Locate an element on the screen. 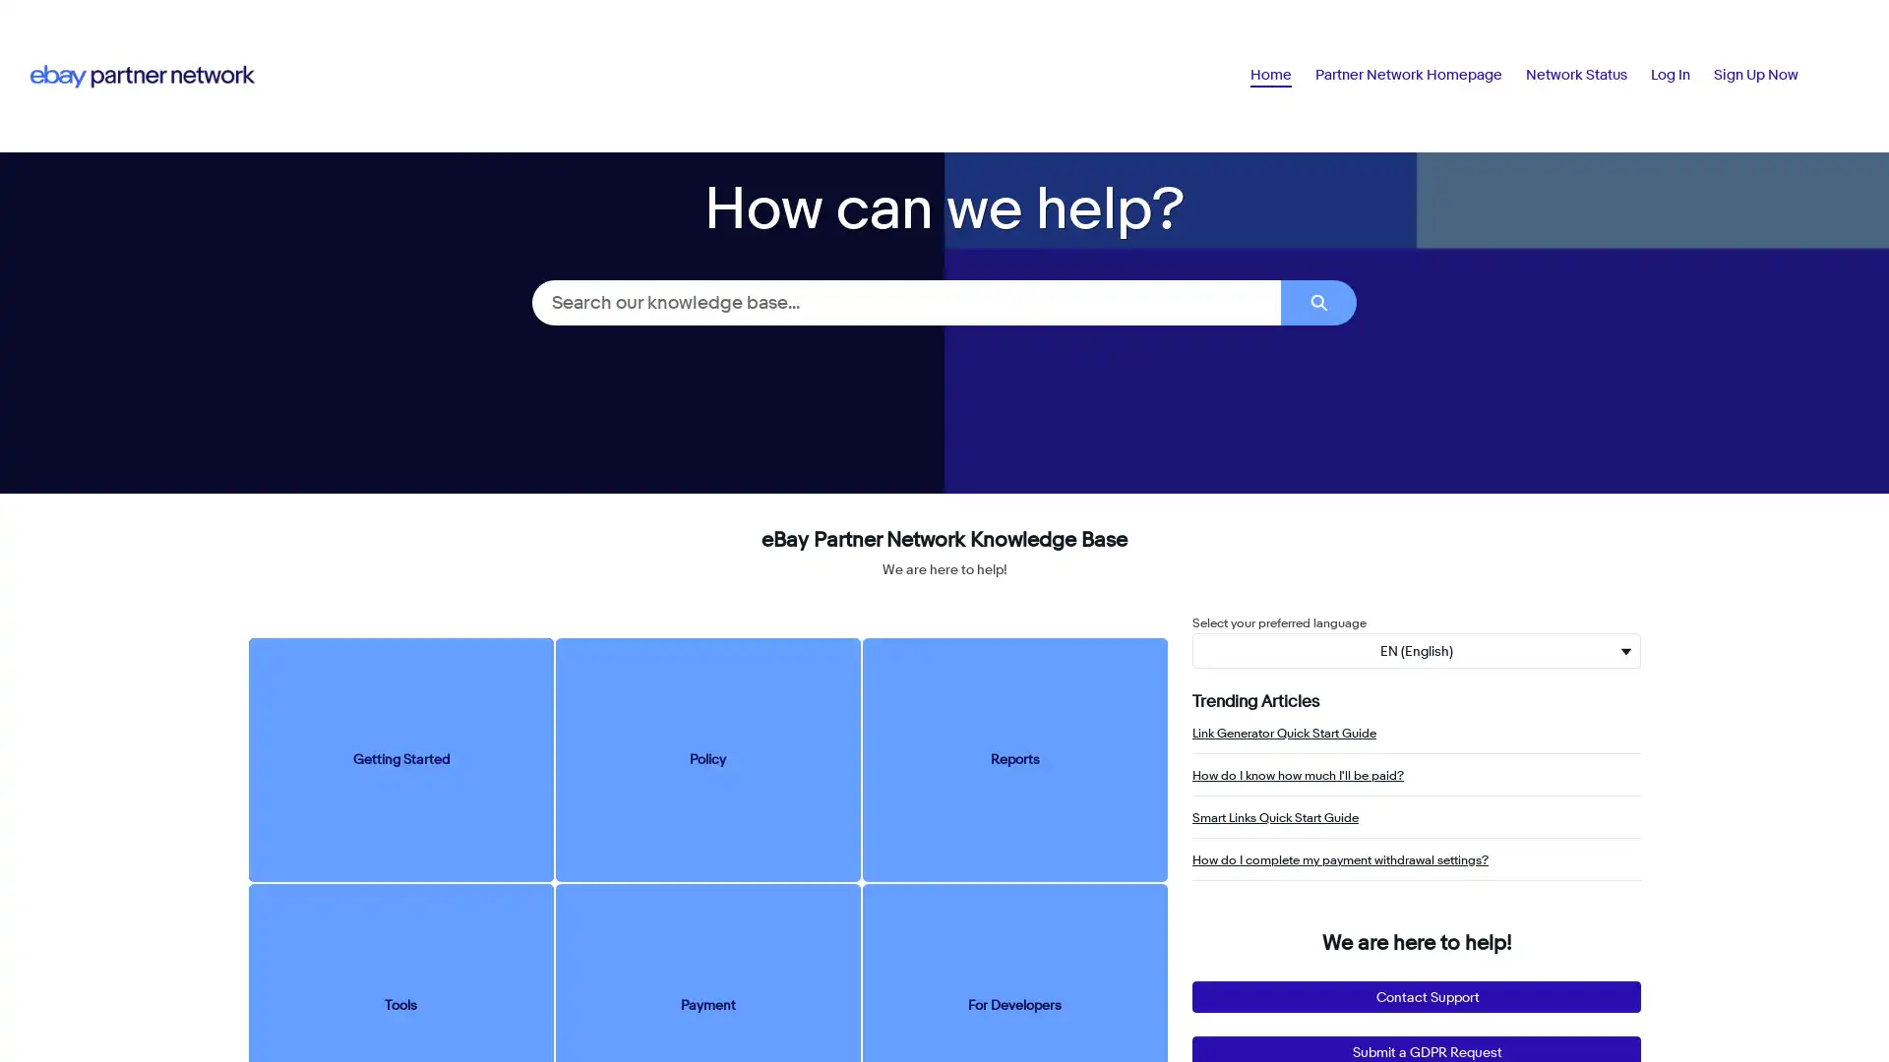  Contact Support is located at coordinates (1417, 997).